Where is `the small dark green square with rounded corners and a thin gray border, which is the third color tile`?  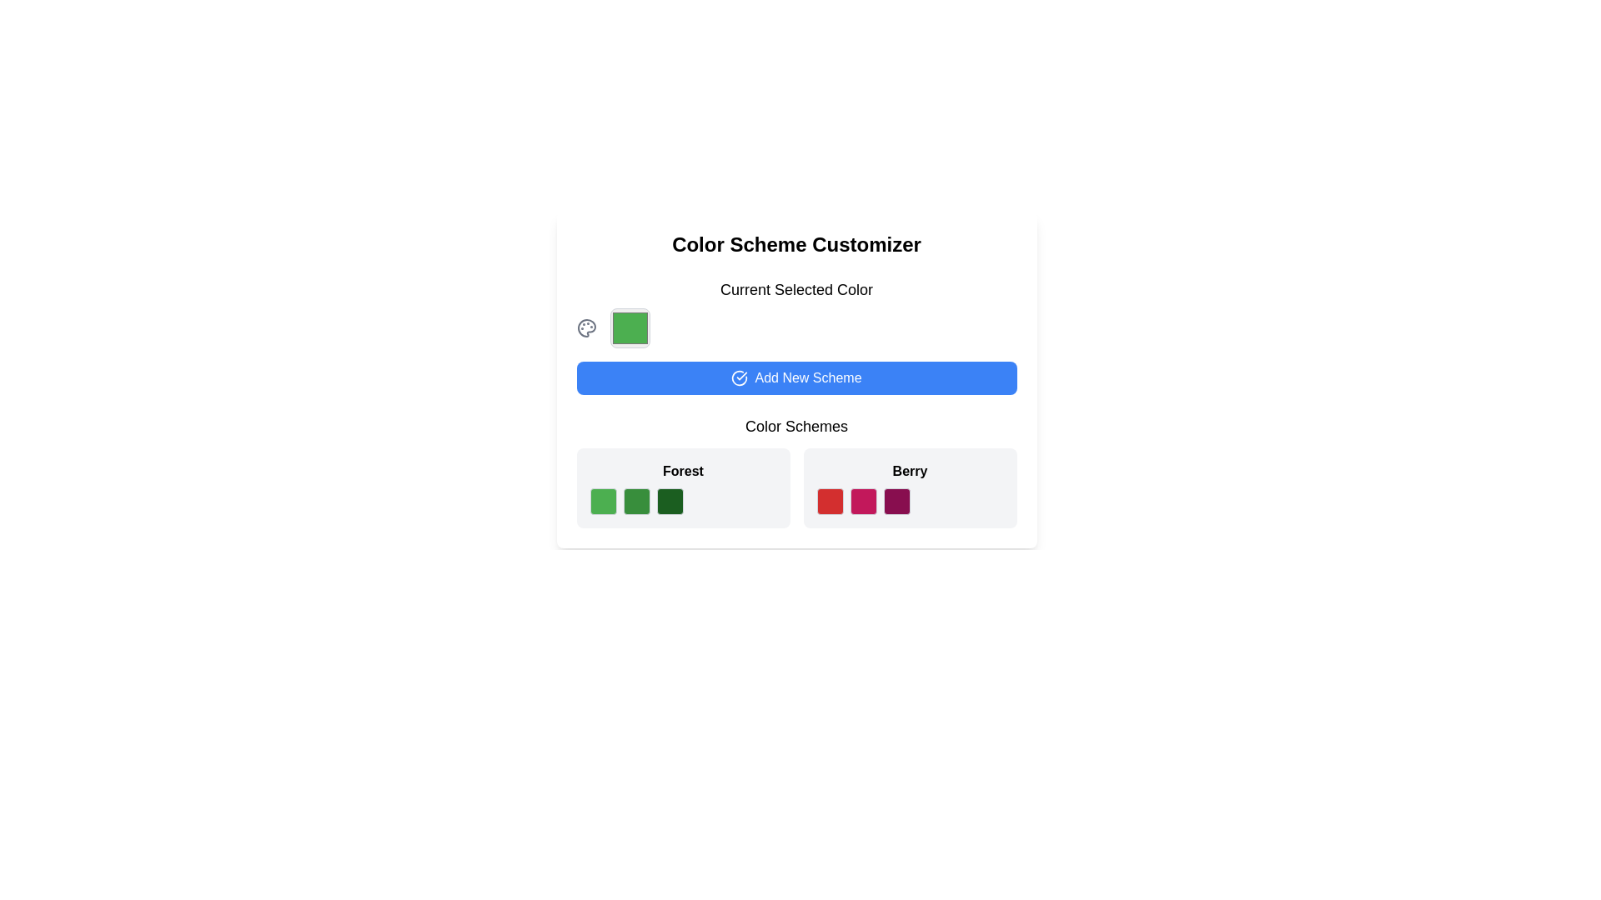 the small dark green square with rounded corners and a thin gray border, which is the third color tile is located at coordinates (683, 500).